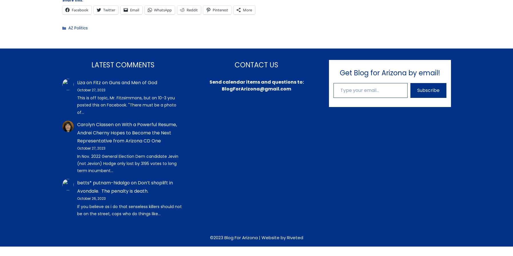 The image size is (513, 256). Describe the element at coordinates (191, 9) in the screenshot. I see `'Reddit'` at that location.